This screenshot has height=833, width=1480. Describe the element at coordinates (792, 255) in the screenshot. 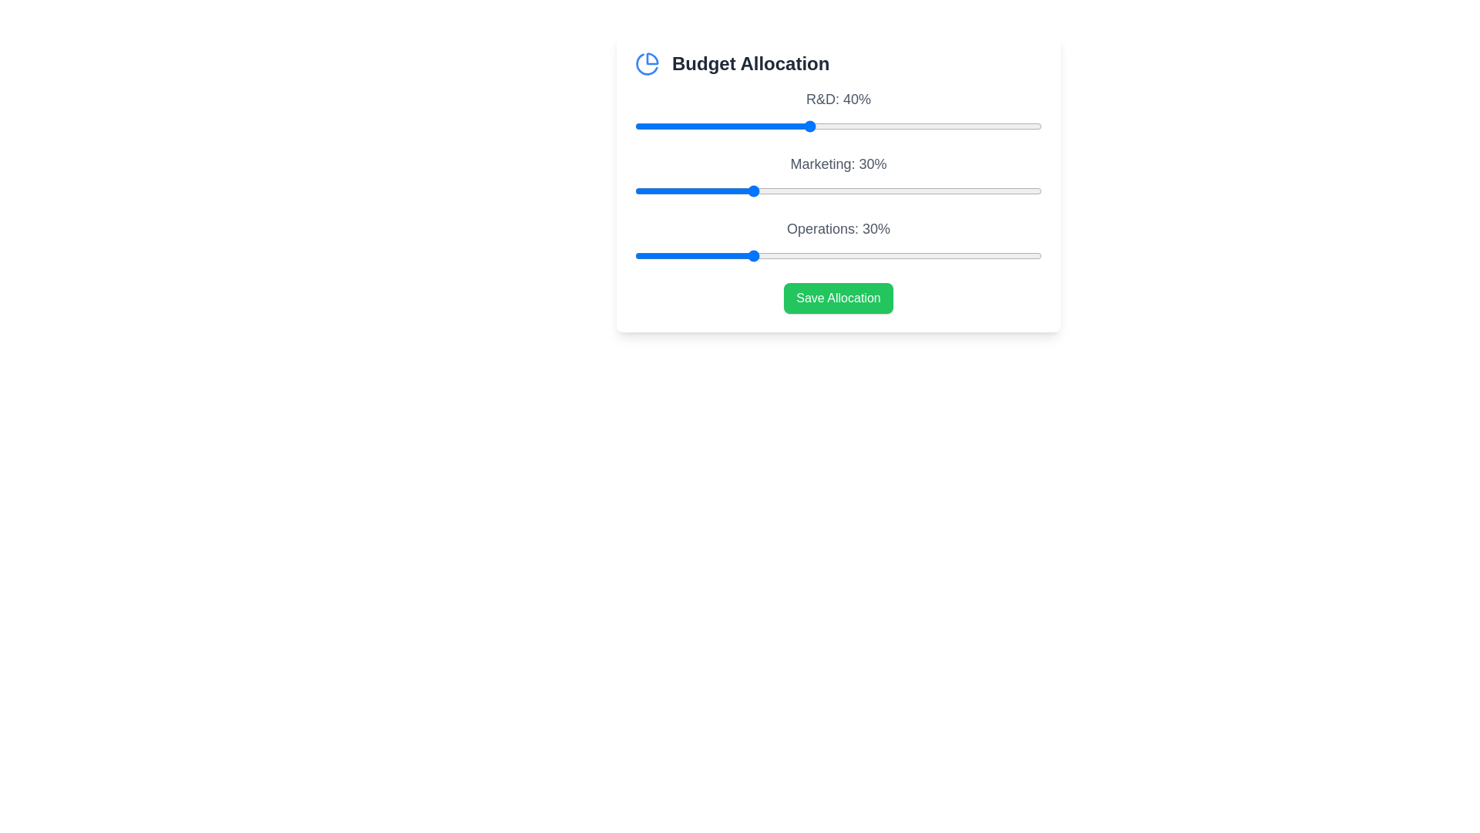

I see `the 'Operations' slider to 37%` at that location.